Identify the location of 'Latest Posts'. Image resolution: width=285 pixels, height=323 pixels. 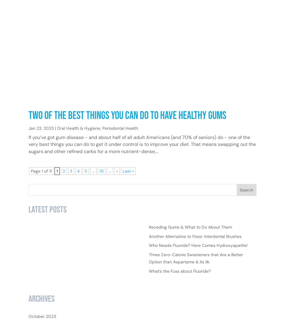
(47, 229).